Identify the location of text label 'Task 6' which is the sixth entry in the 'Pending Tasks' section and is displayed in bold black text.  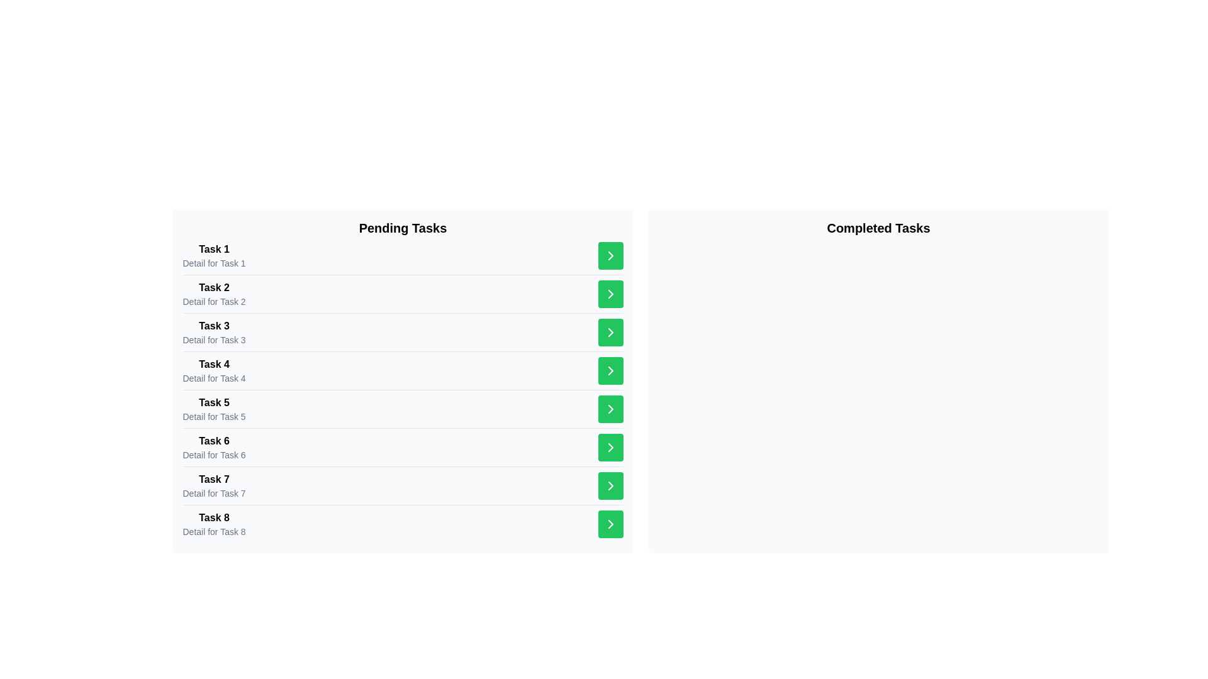
(214, 441).